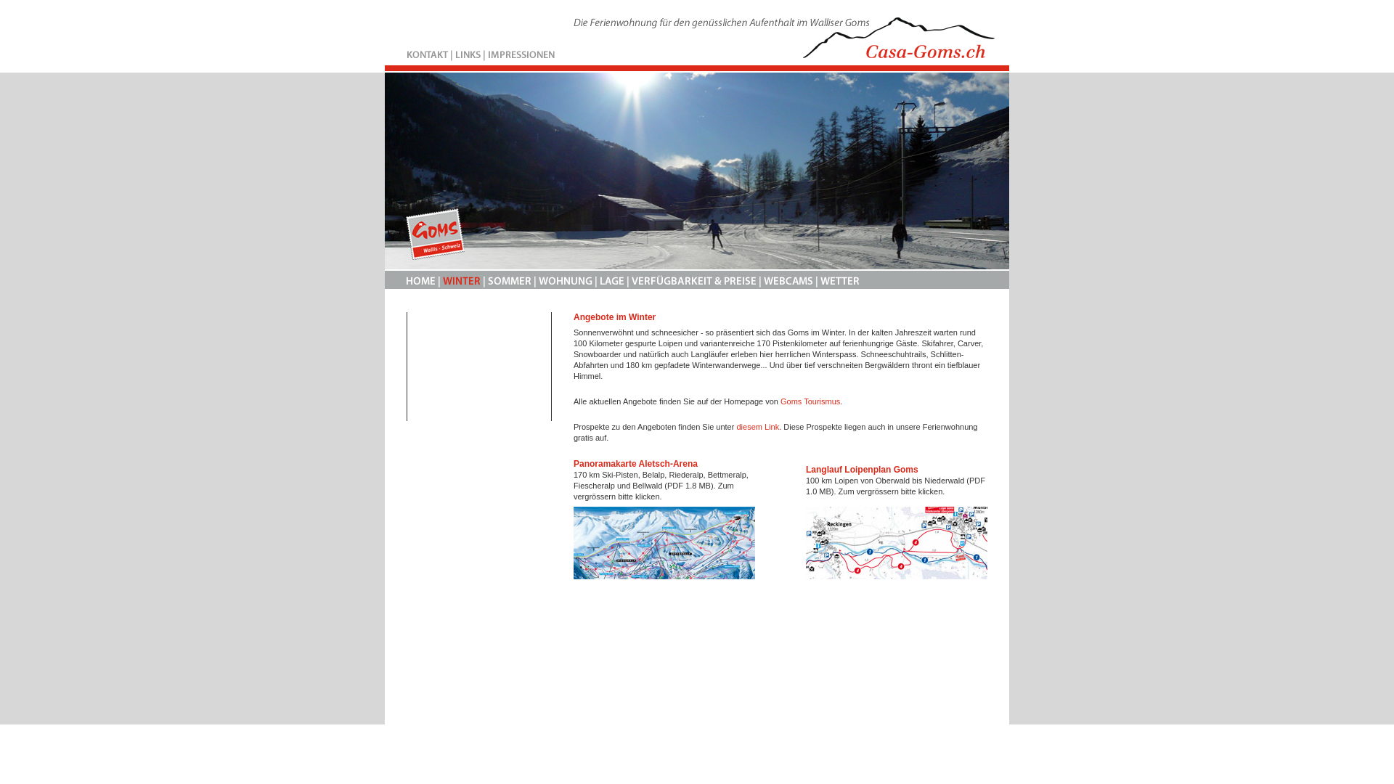 Image resolution: width=1394 pixels, height=784 pixels. I want to click on 'diesem Link', so click(757, 425).